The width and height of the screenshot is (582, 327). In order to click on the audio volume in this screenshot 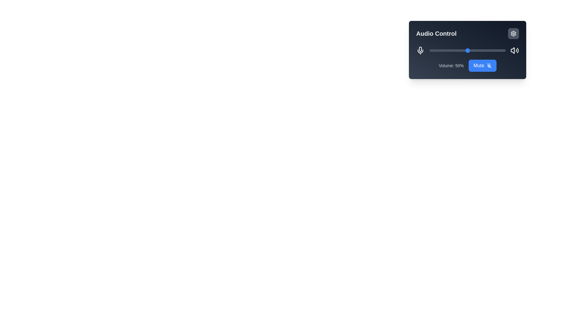, I will do `click(505, 50)`.